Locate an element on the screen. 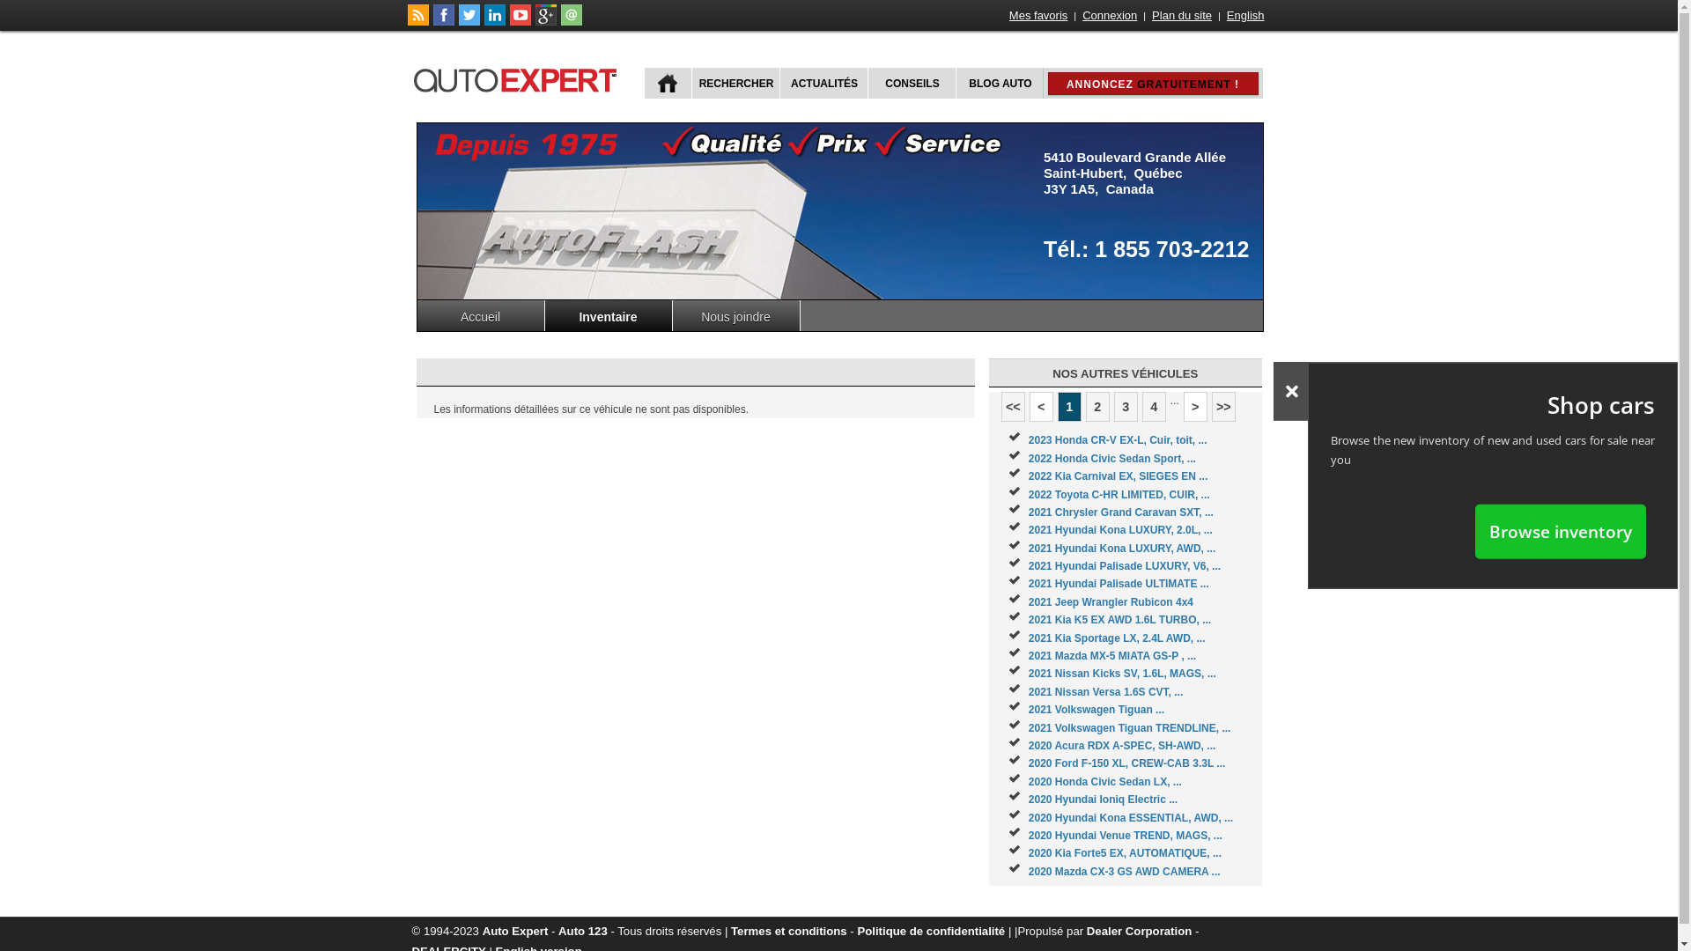  '2021 Volkswagen Tiguan ...' is located at coordinates (1095, 709).